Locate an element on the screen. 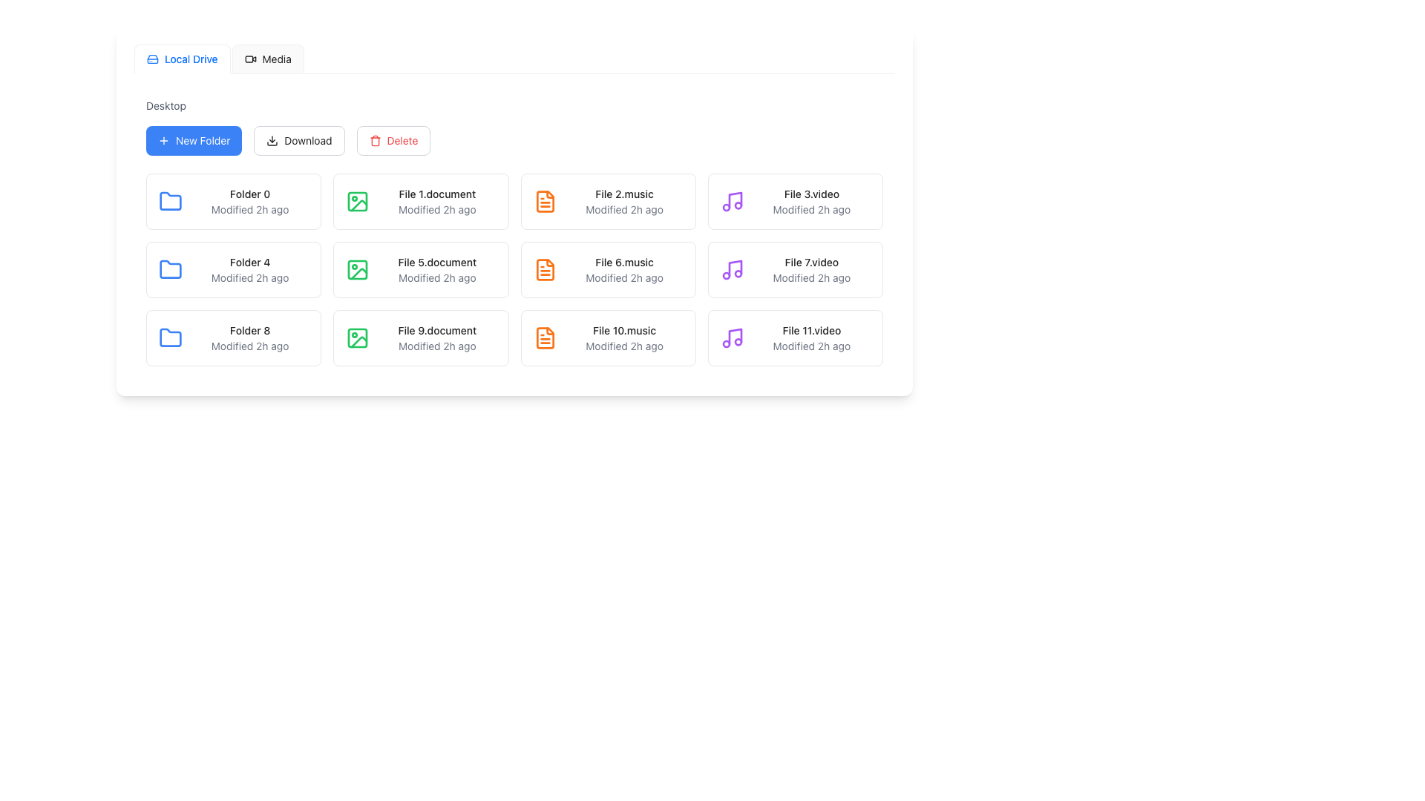  the music file representation named 'File 10.music' in the bottom row of the file grid layout is located at coordinates (624, 337).